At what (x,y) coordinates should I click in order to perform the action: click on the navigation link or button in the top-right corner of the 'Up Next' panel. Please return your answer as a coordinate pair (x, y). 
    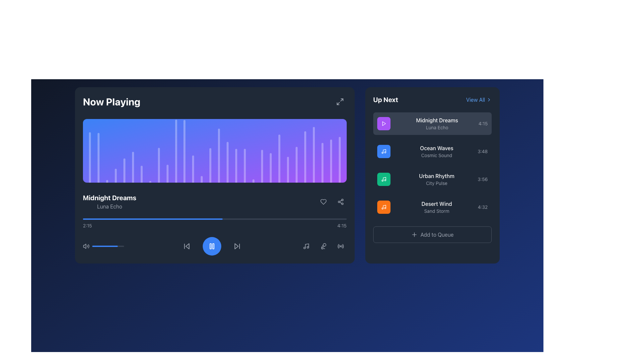
    Looking at the image, I should click on (475, 99).